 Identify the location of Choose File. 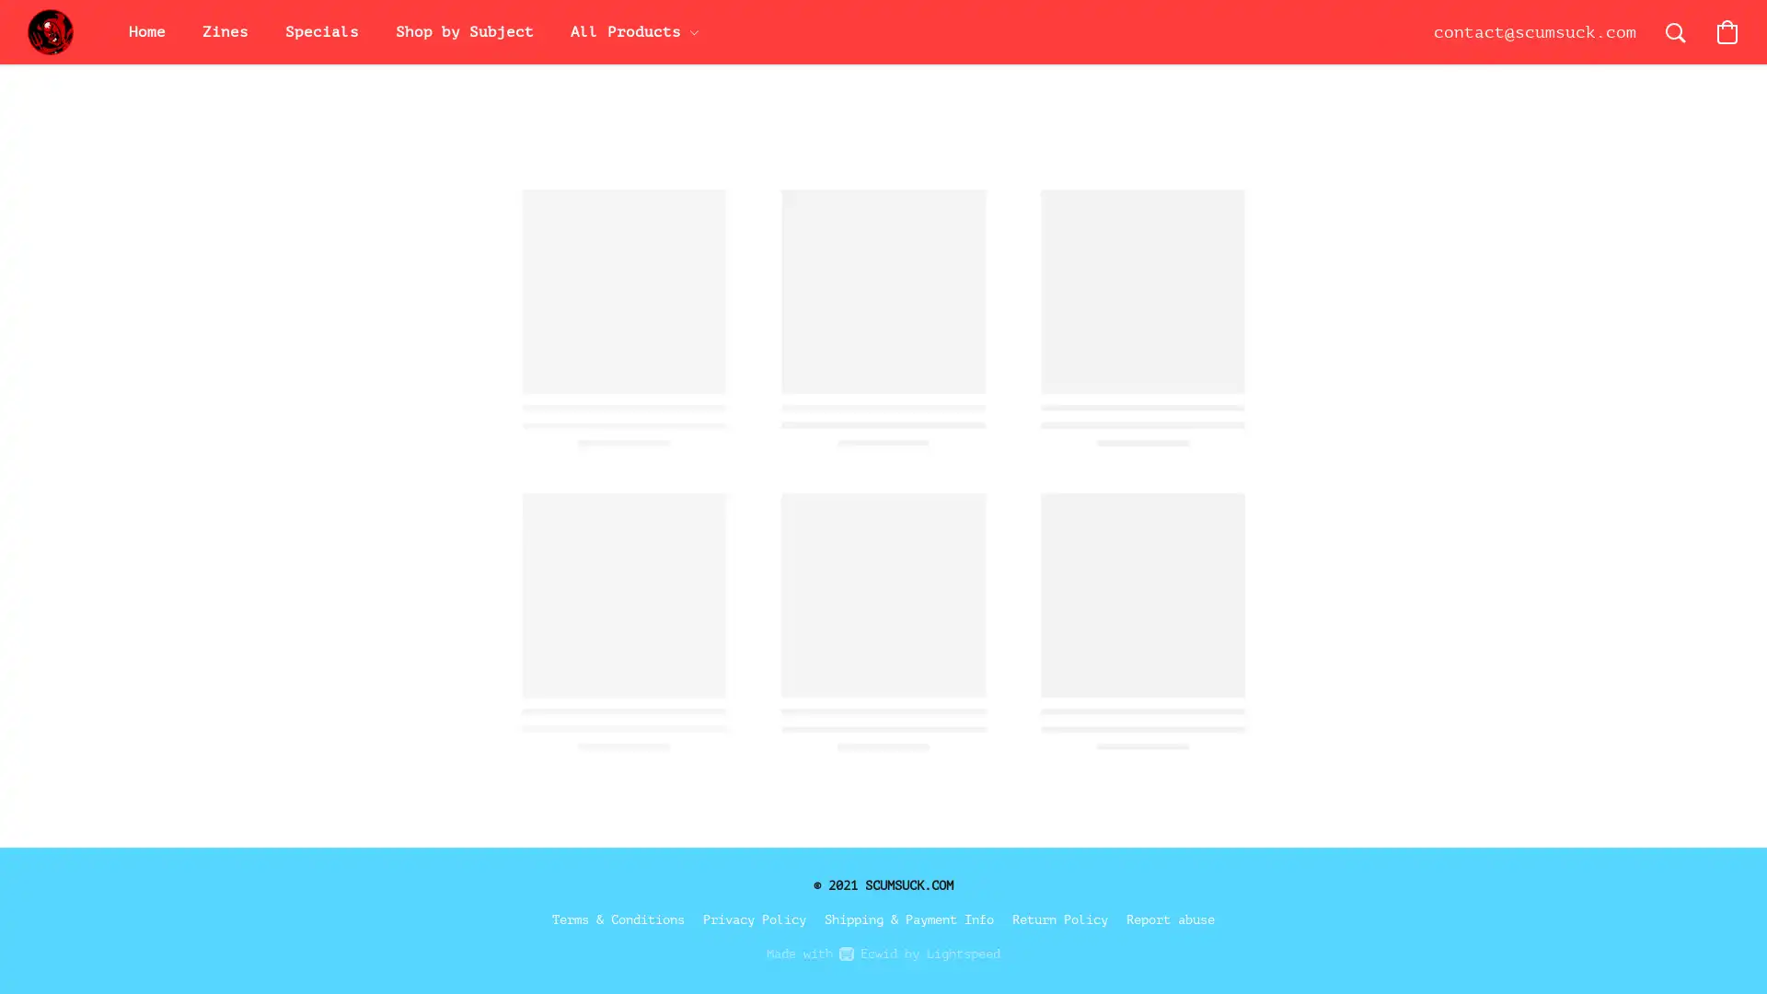
(1126, 525).